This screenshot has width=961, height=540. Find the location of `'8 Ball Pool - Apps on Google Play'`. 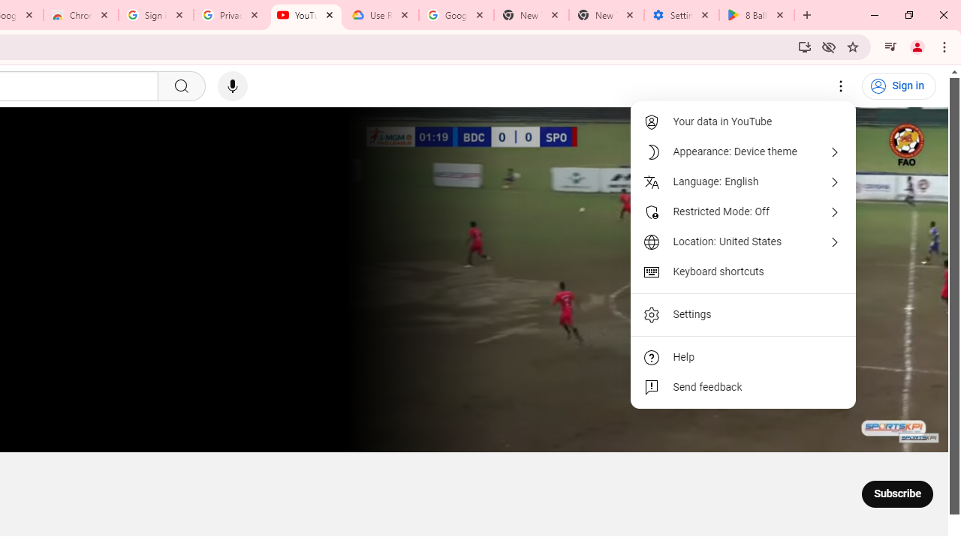

'8 Ball Pool - Apps on Google Play' is located at coordinates (757, 15).